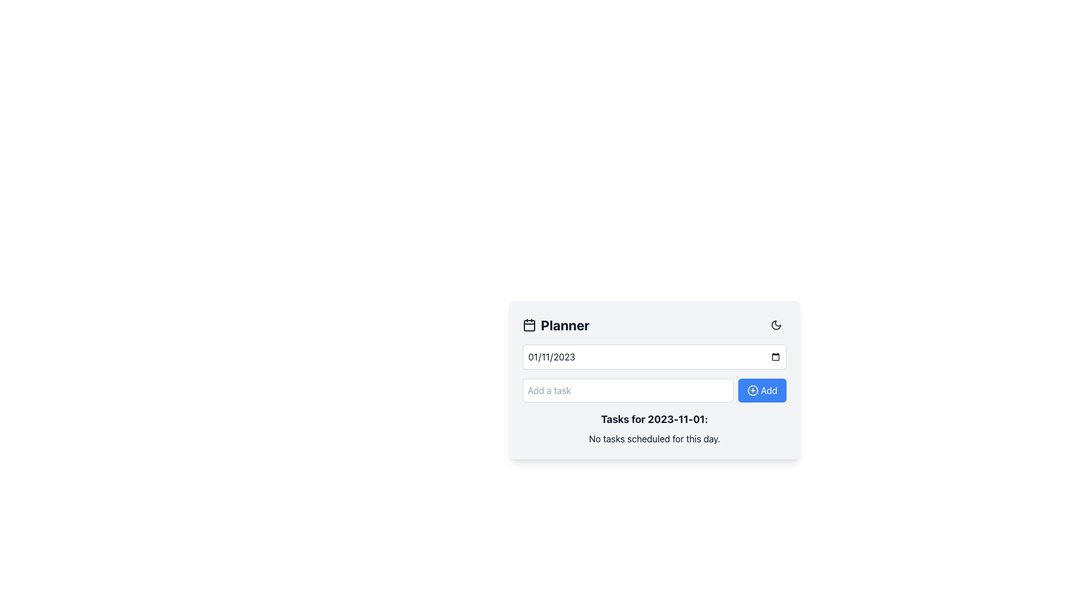 The width and height of the screenshot is (1092, 614). Describe the element at coordinates (655, 419) in the screenshot. I see `bold text label that states 'Tasks for 2023-11-01:' positioned at the bottom of the planner card interface` at that location.